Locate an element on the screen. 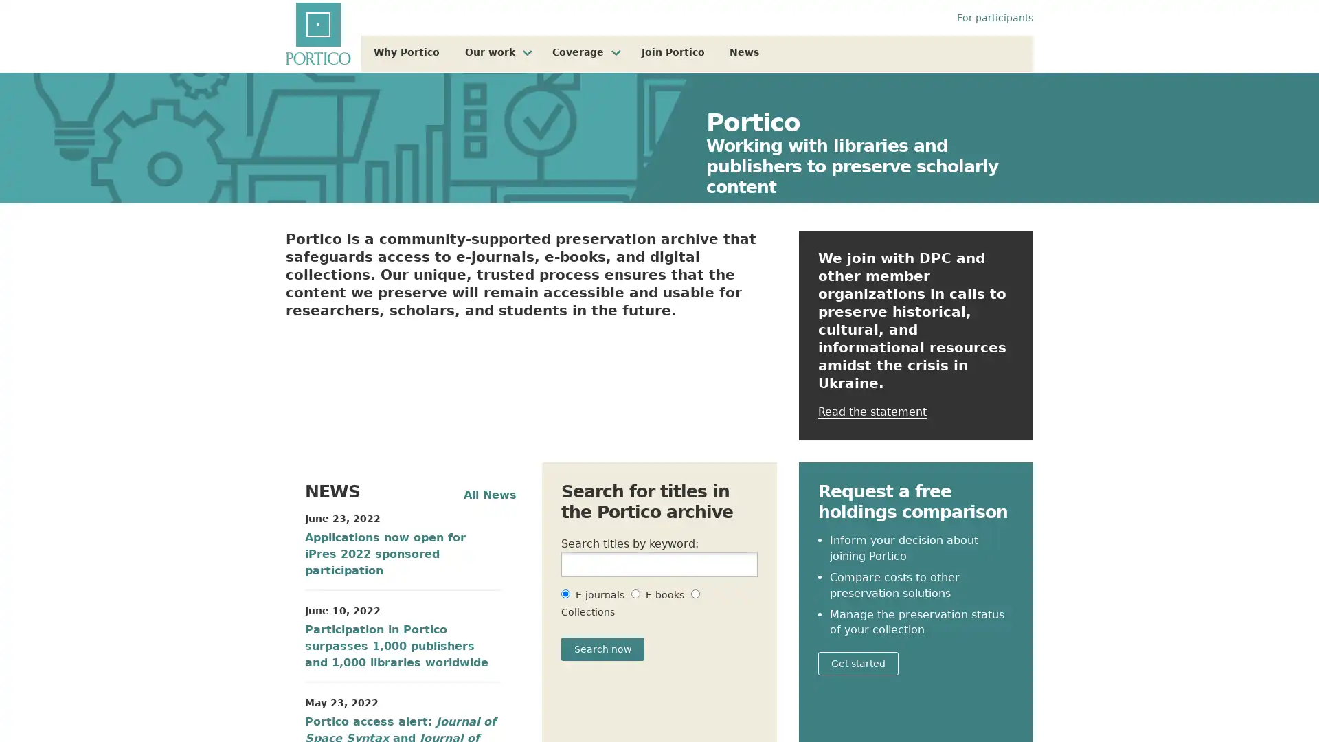  Close is located at coordinates (1296, 697).